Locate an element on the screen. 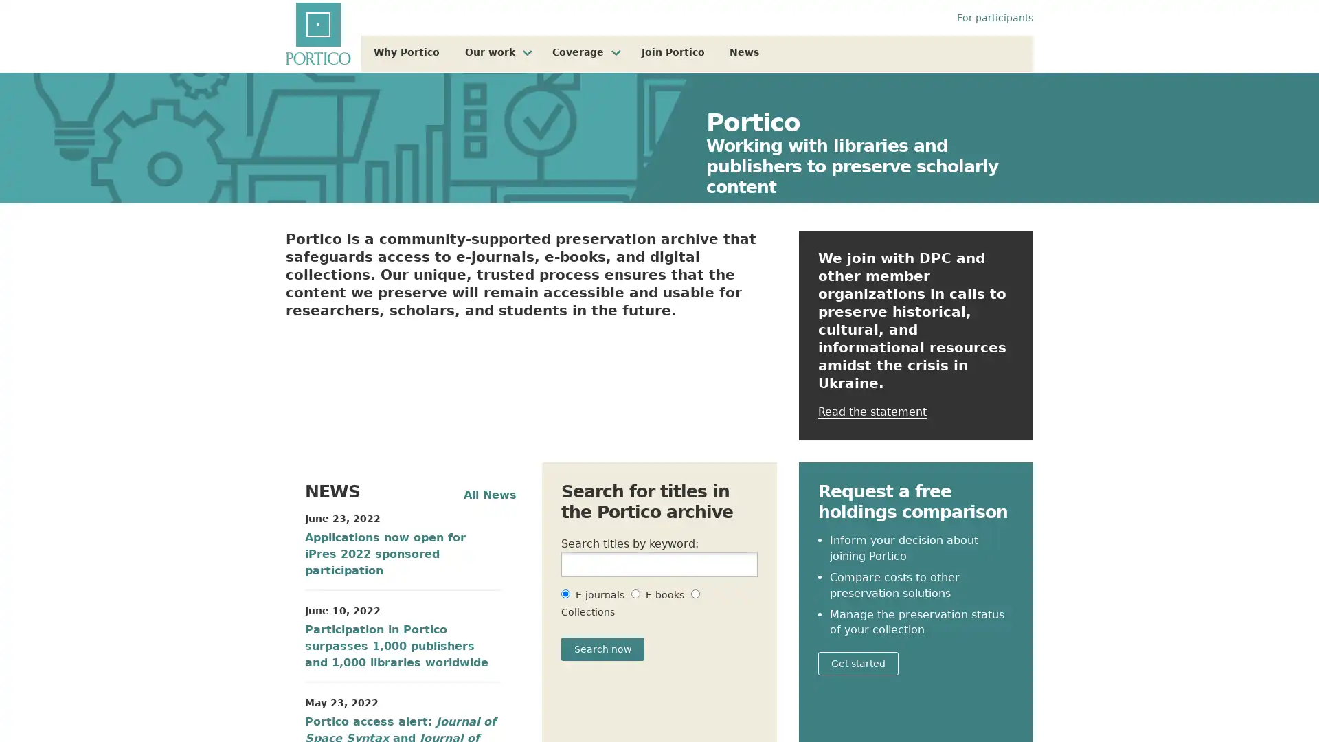  Close is located at coordinates (1296, 697).